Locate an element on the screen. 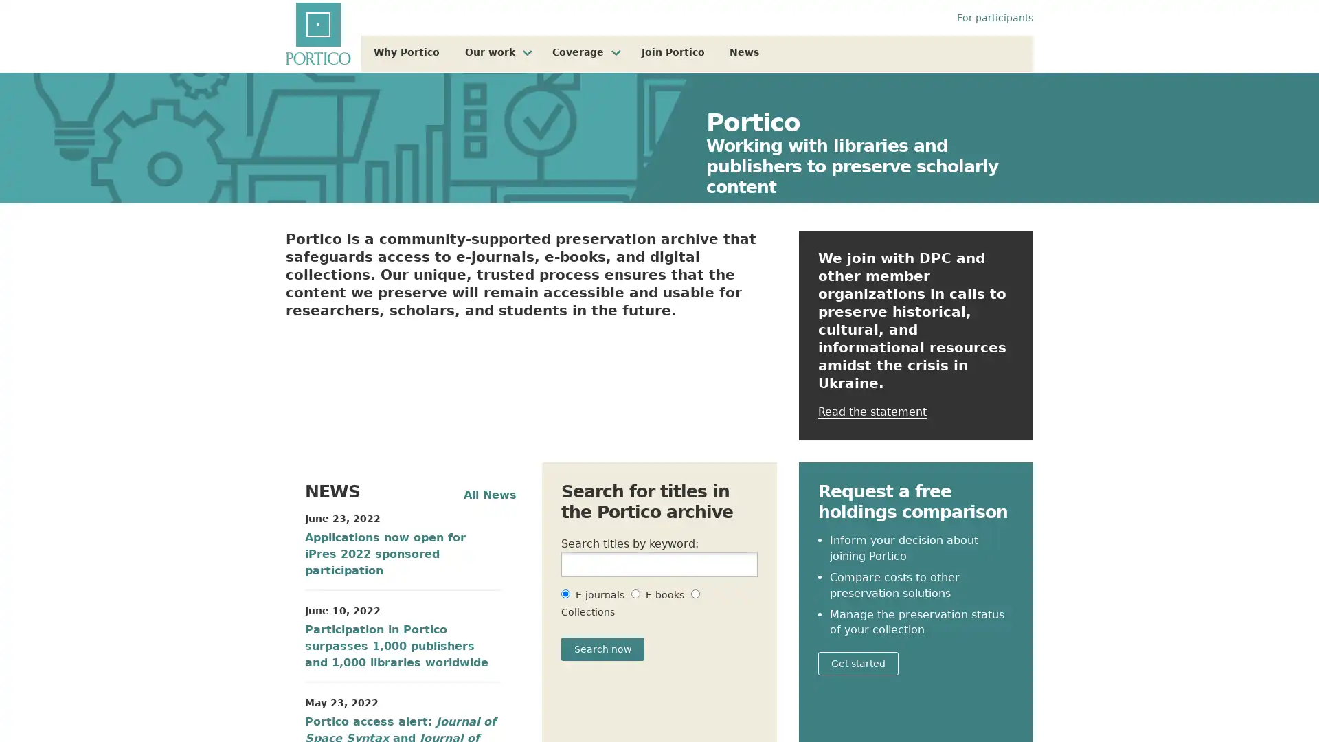  Close is located at coordinates (1296, 697).